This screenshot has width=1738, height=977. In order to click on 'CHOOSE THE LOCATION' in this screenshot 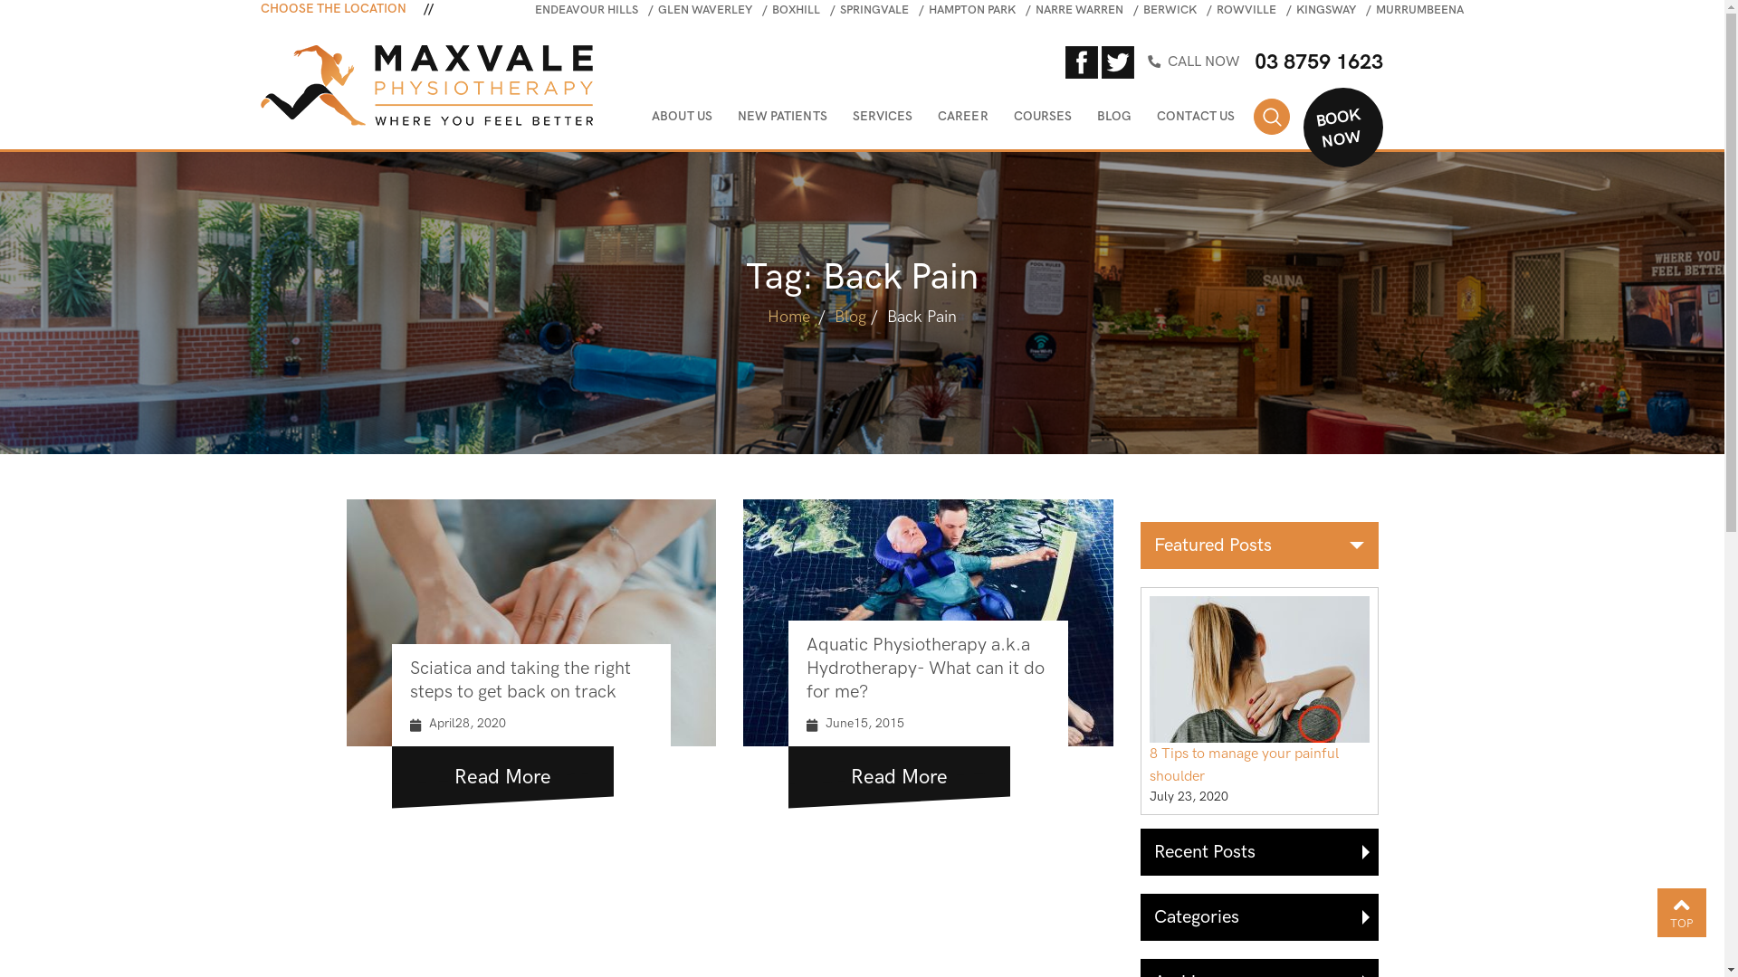, I will do `click(260, 9)`.